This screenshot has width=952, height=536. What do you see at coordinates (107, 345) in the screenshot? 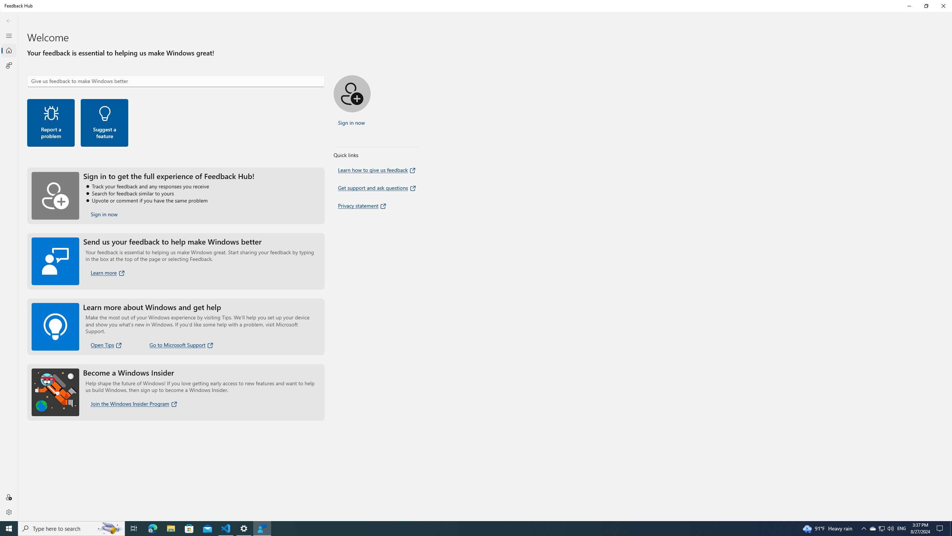
I see `'Open Tips'` at bounding box center [107, 345].